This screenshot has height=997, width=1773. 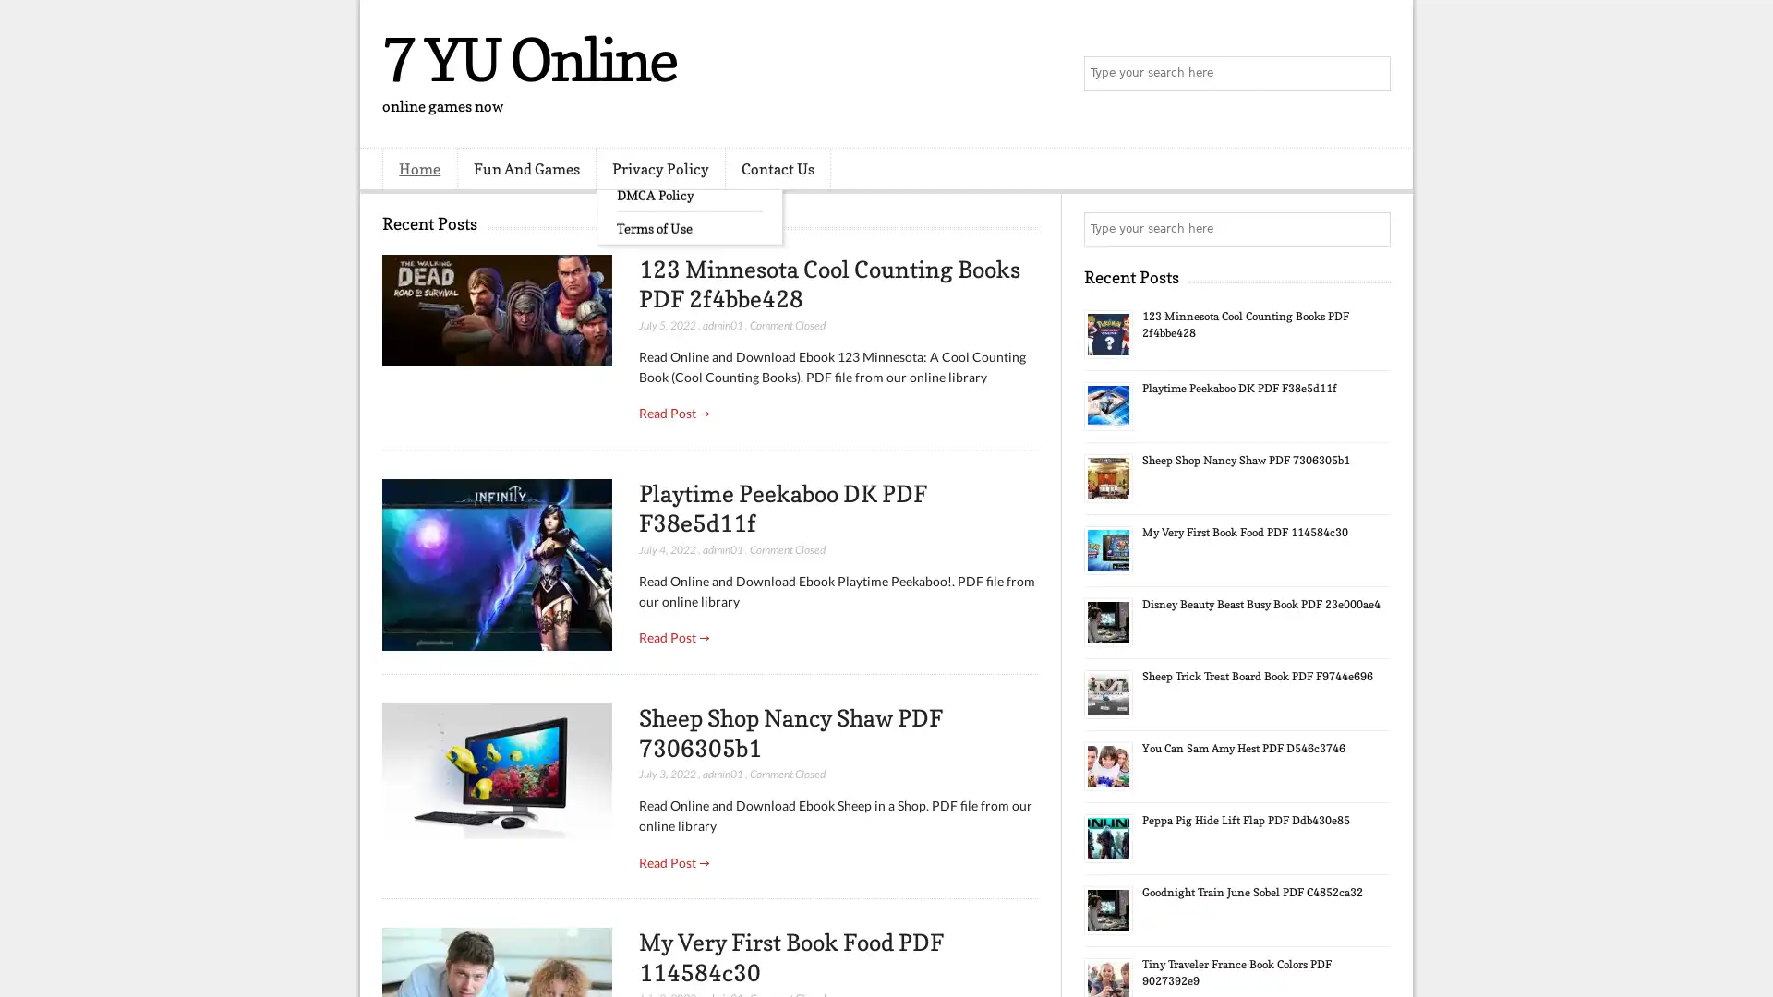 I want to click on Search, so click(x=1371, y=74).